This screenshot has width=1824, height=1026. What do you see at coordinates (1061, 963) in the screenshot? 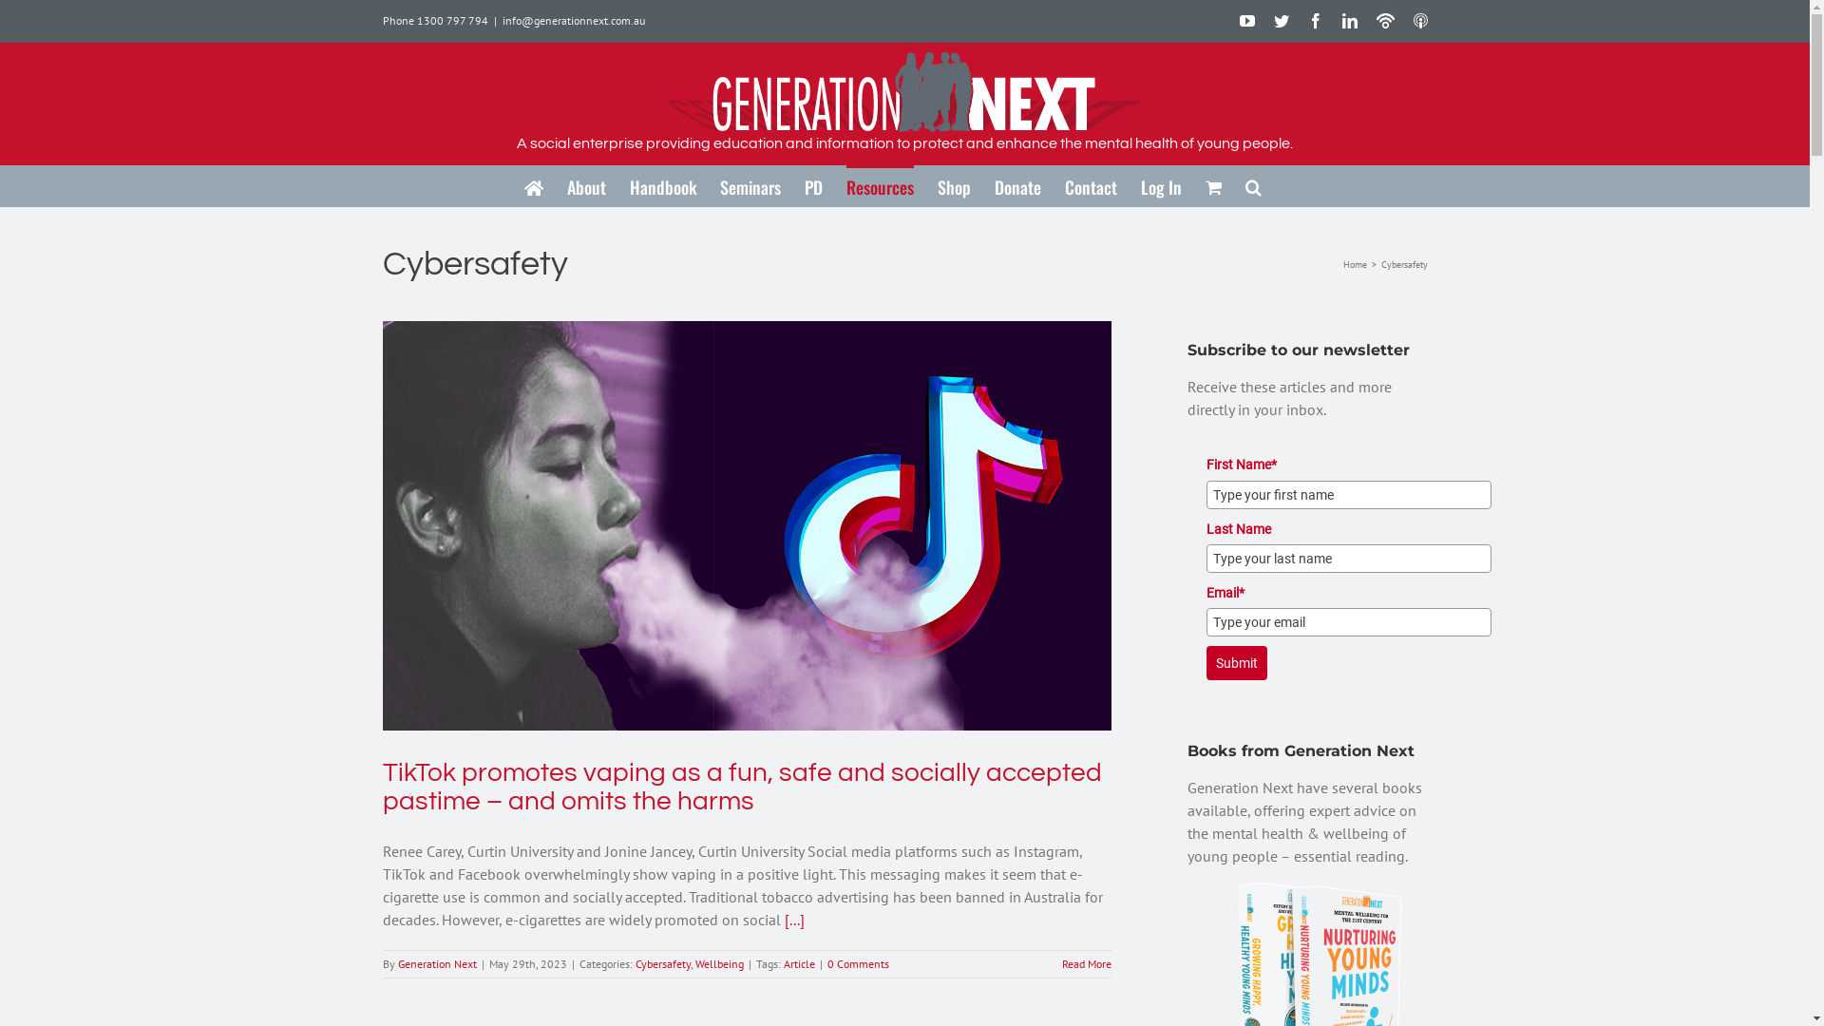
I see `'Read More'` at bounding box center [1061, 963].